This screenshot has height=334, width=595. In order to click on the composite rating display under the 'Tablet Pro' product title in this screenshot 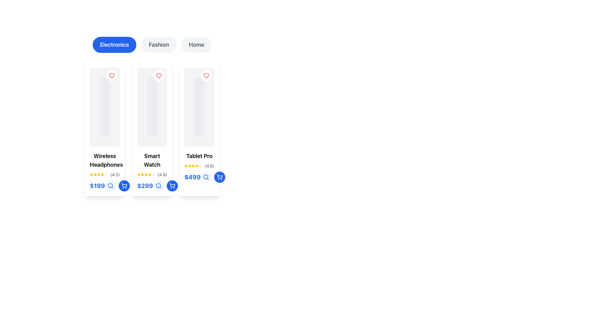, I will do `click(199, 165)`.